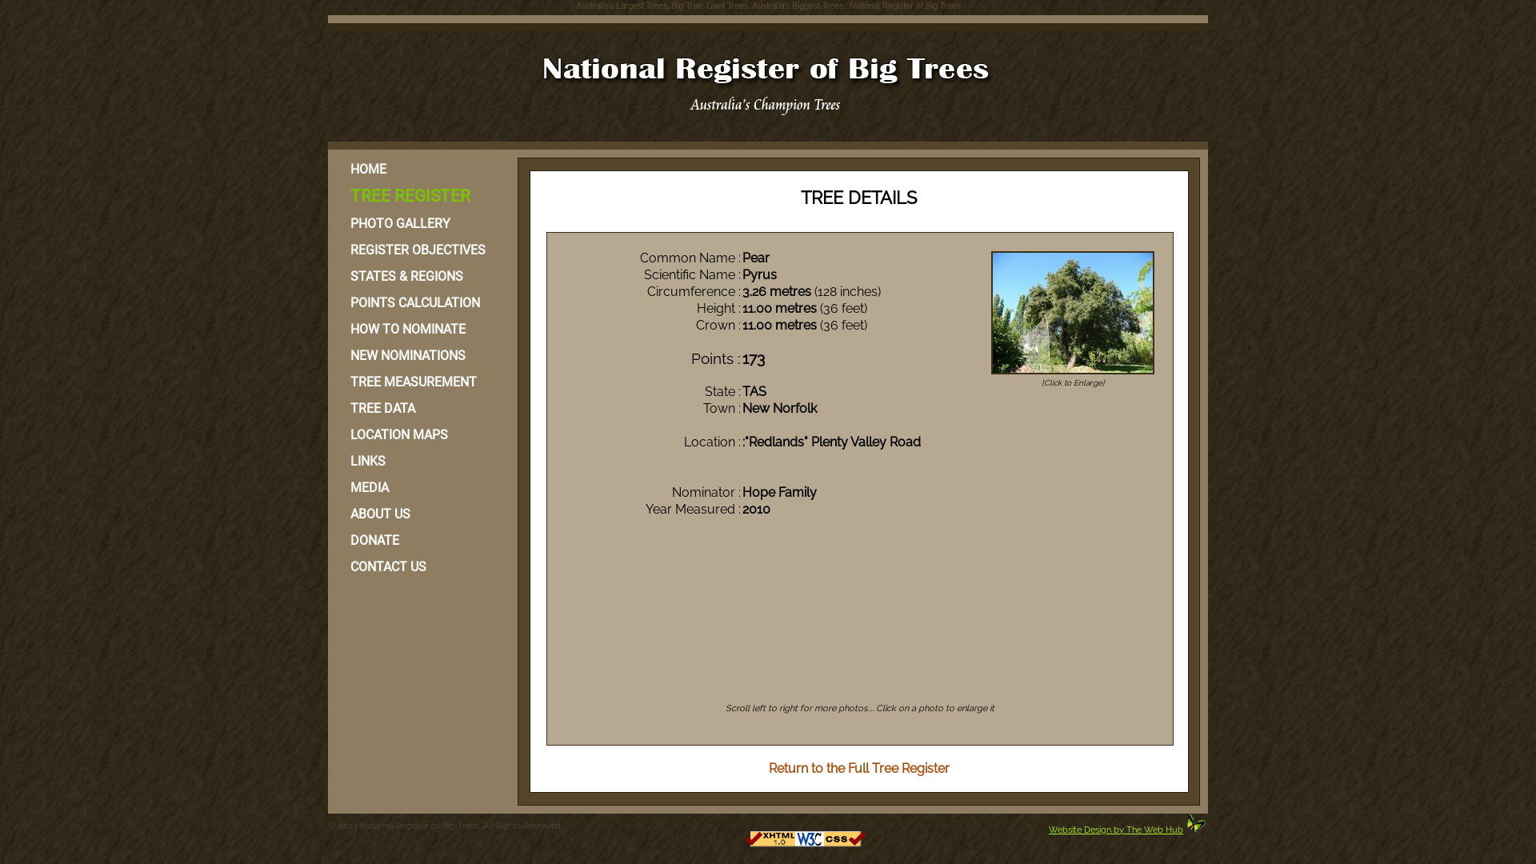  I want to click on 'CONTACT US', so click(335, 566).